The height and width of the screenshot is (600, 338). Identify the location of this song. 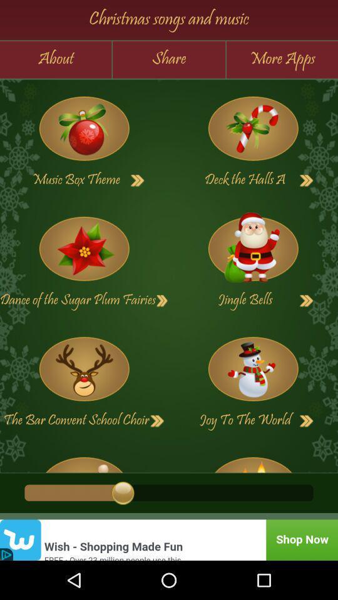
(84, 460).